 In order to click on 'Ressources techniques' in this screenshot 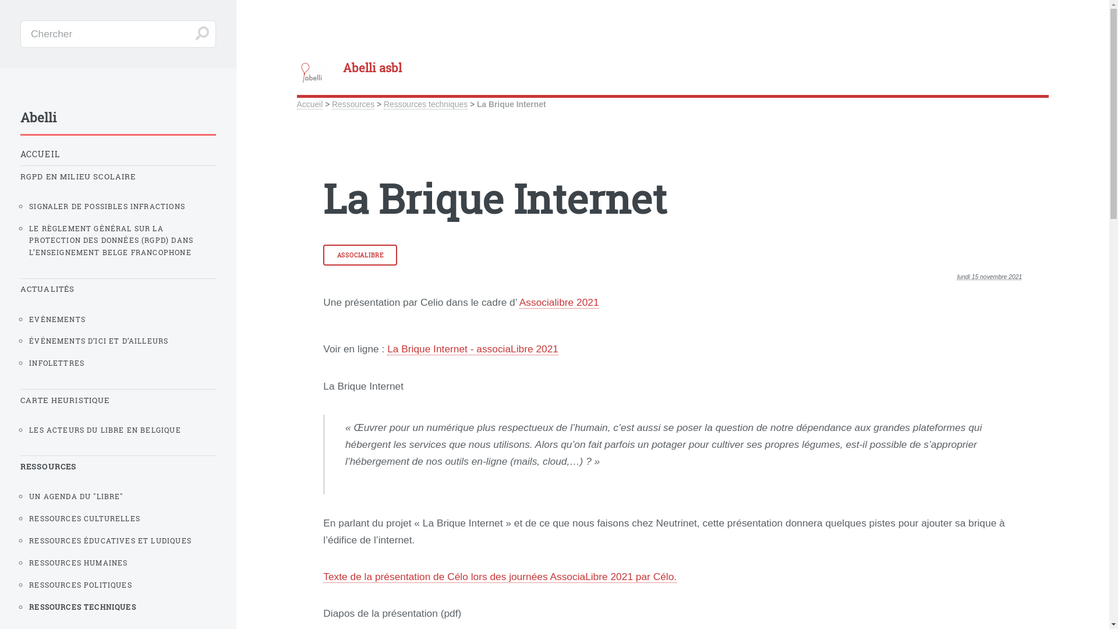, I will do `click(383, 104)`.